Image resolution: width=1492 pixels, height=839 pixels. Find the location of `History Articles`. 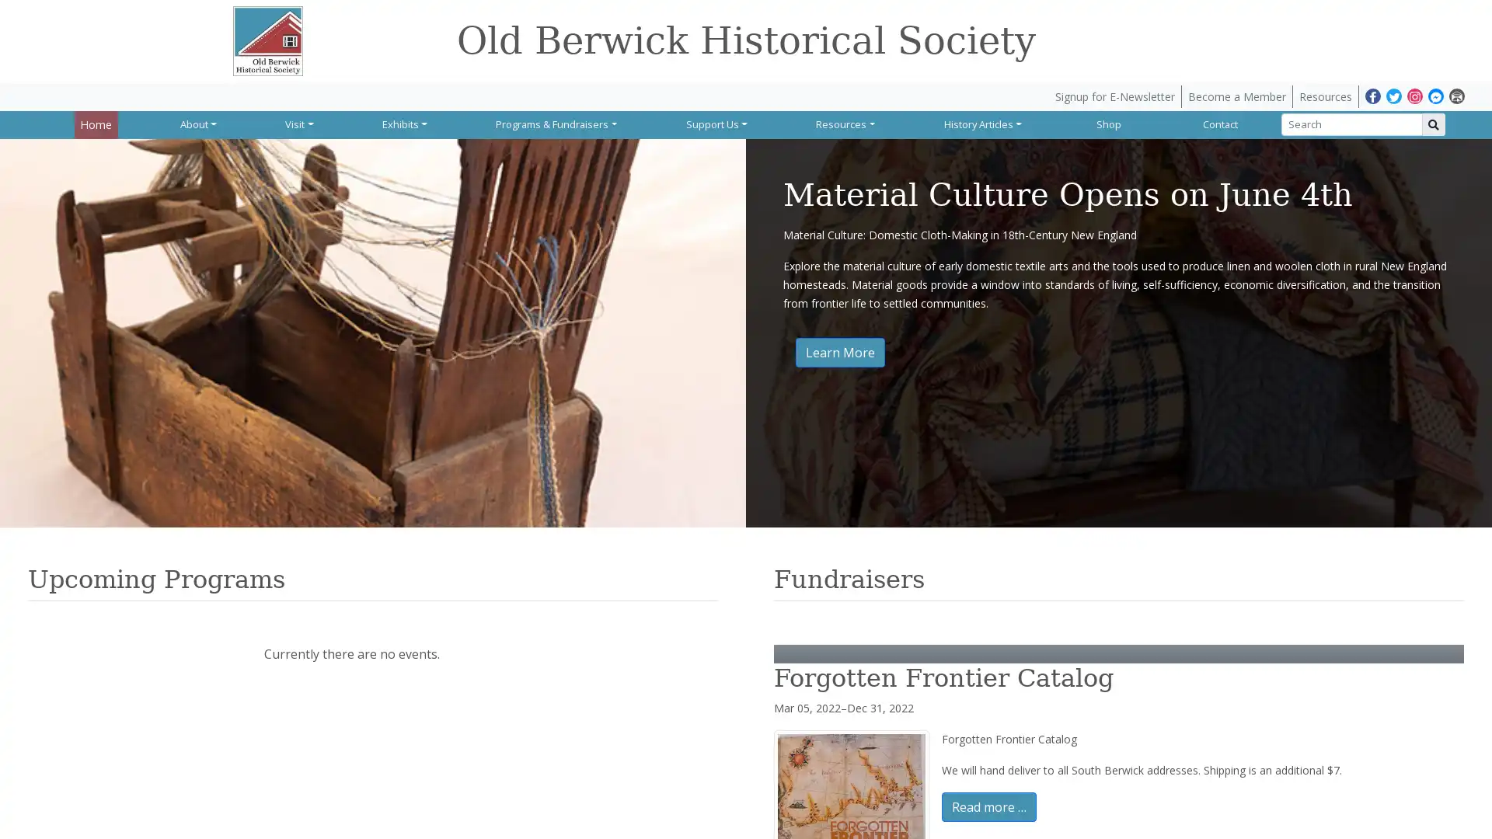

History Articles is located at coordinates (981, 123).